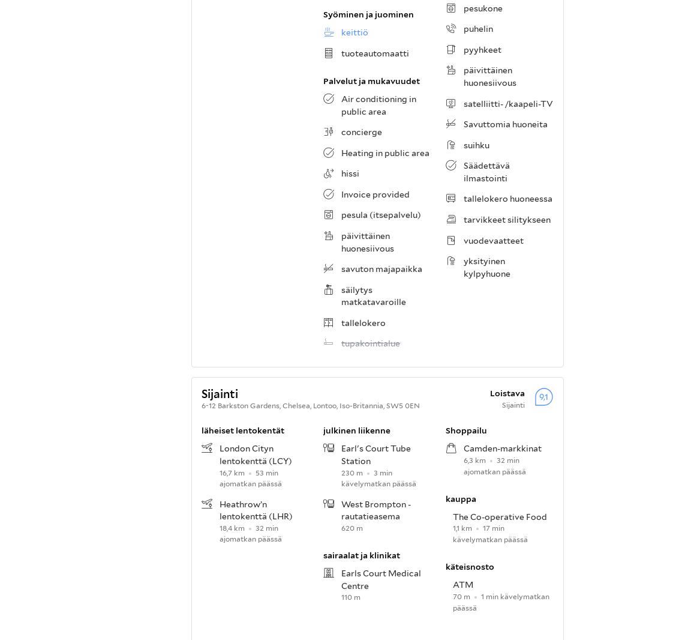 Image resolution: width=679 pixels, height=640 pixels. I want to click on 'West Brompton -rautatieasema', so click(376, 510).